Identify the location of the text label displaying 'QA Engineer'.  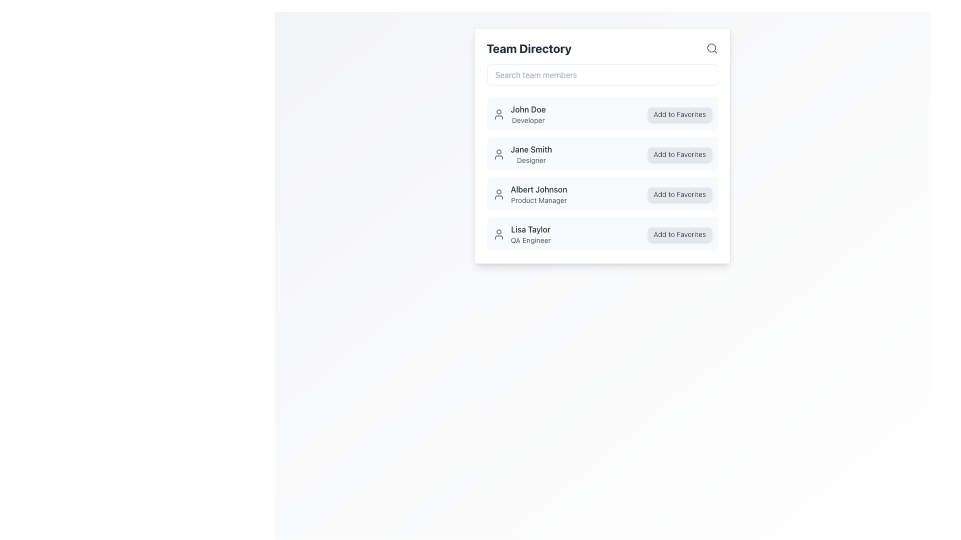
(530, 240).